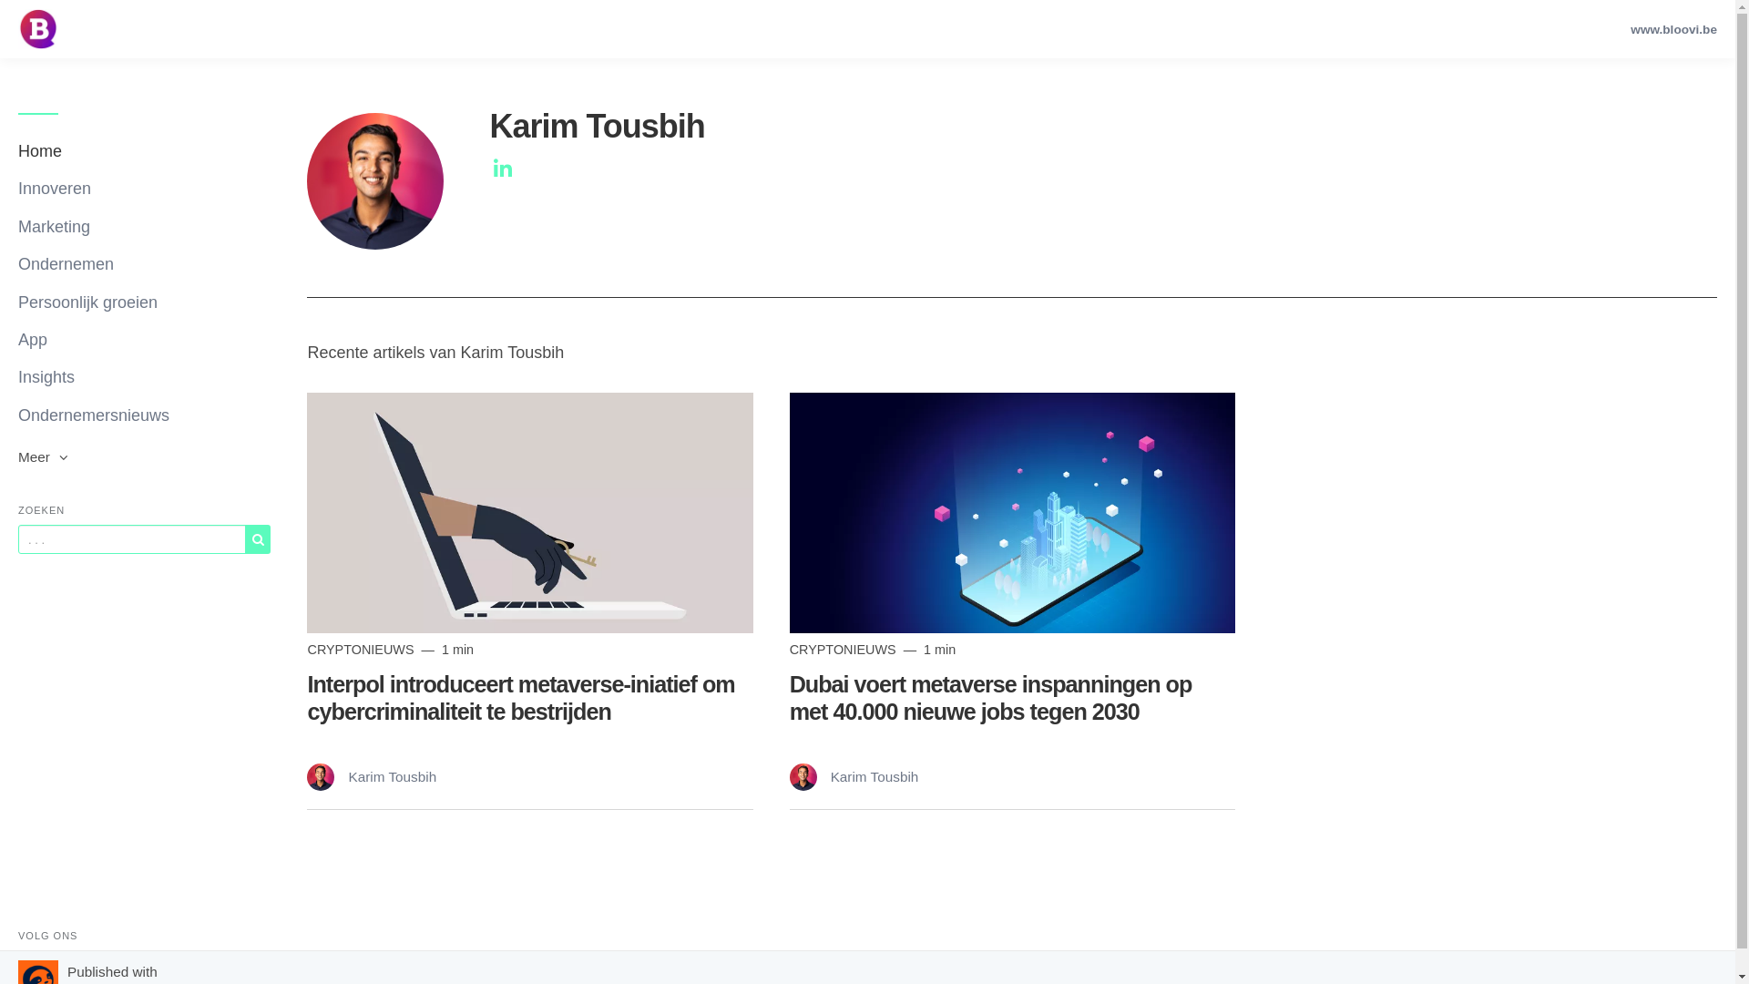 Image resolution: width=1749 pixels, height=984 pixels. I want to click on 'Ondernemen', so click(143, 264).